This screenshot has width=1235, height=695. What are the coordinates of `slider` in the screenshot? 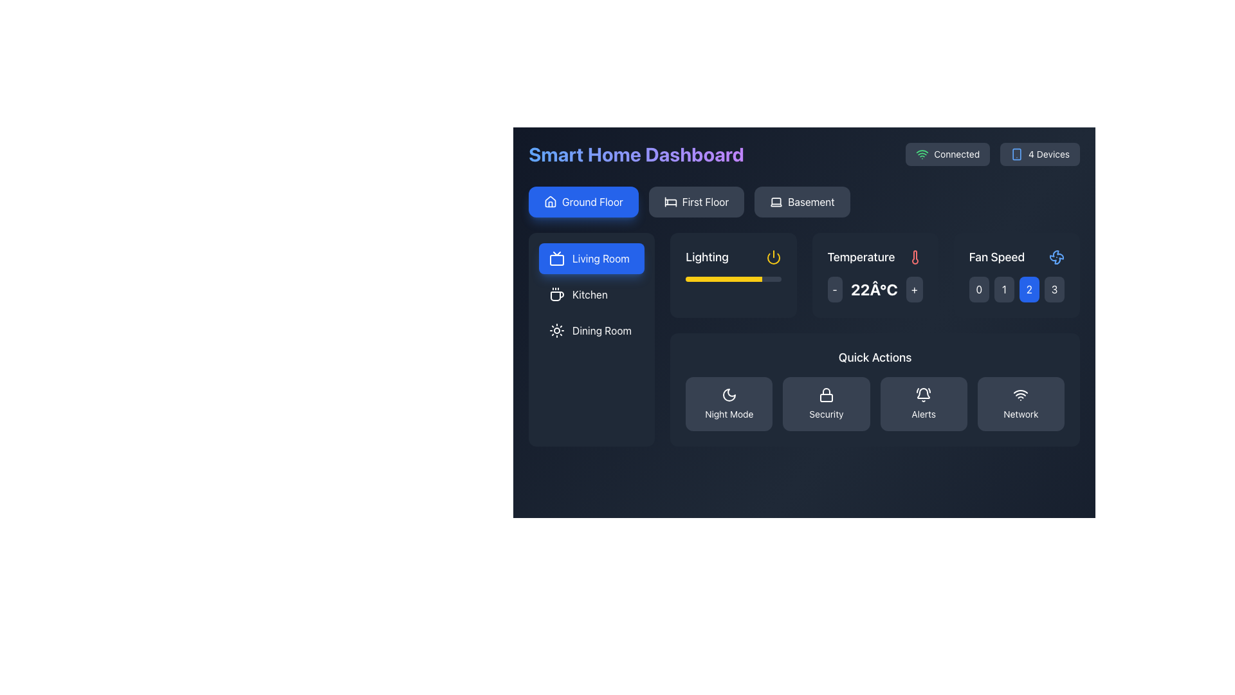 It's located at (709, 279).